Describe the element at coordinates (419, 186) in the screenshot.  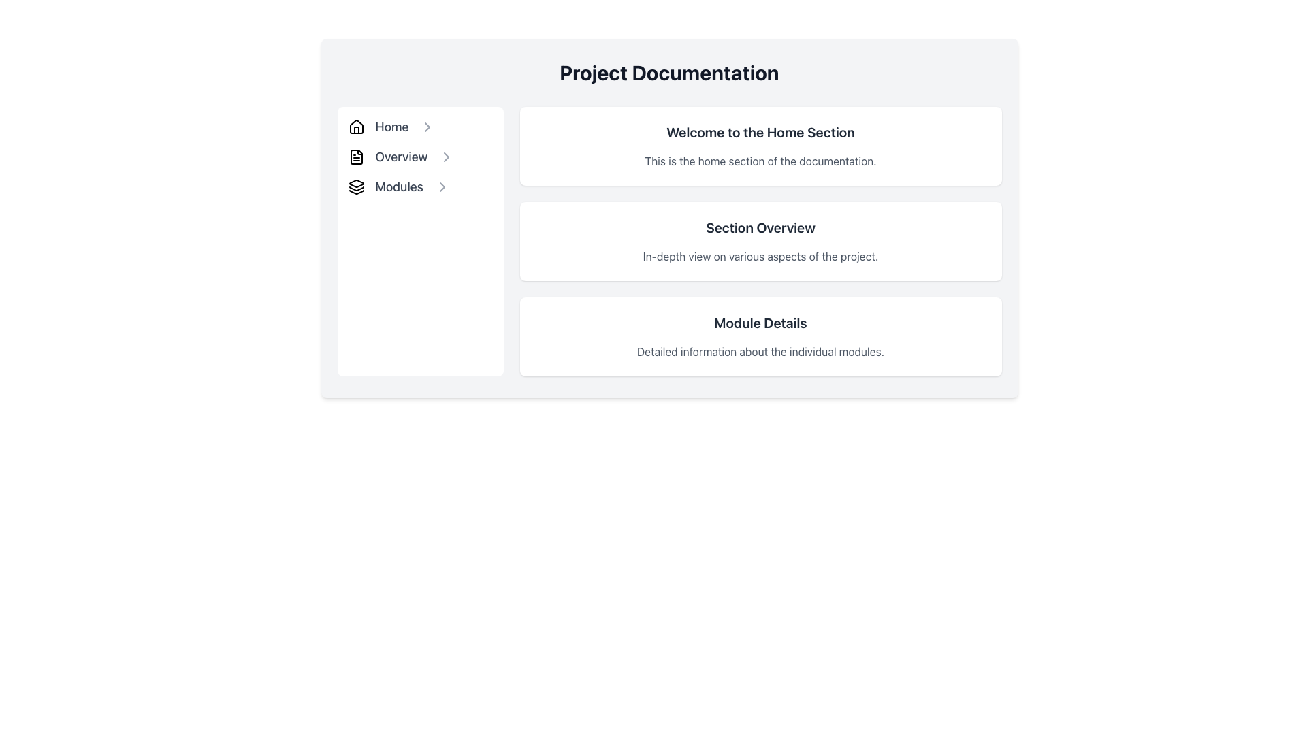
I see `the 'Modules' navigation link, which is the third item in the vertical navigation menu, to trigger the visual styling change` at that location.